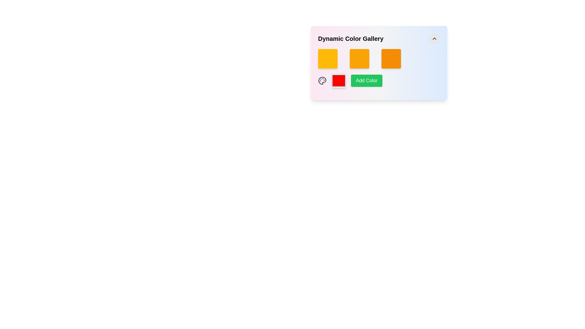  I want to click on the orange colored box with rounded edges, which is the second element in a grid layout, so click(360, 58).